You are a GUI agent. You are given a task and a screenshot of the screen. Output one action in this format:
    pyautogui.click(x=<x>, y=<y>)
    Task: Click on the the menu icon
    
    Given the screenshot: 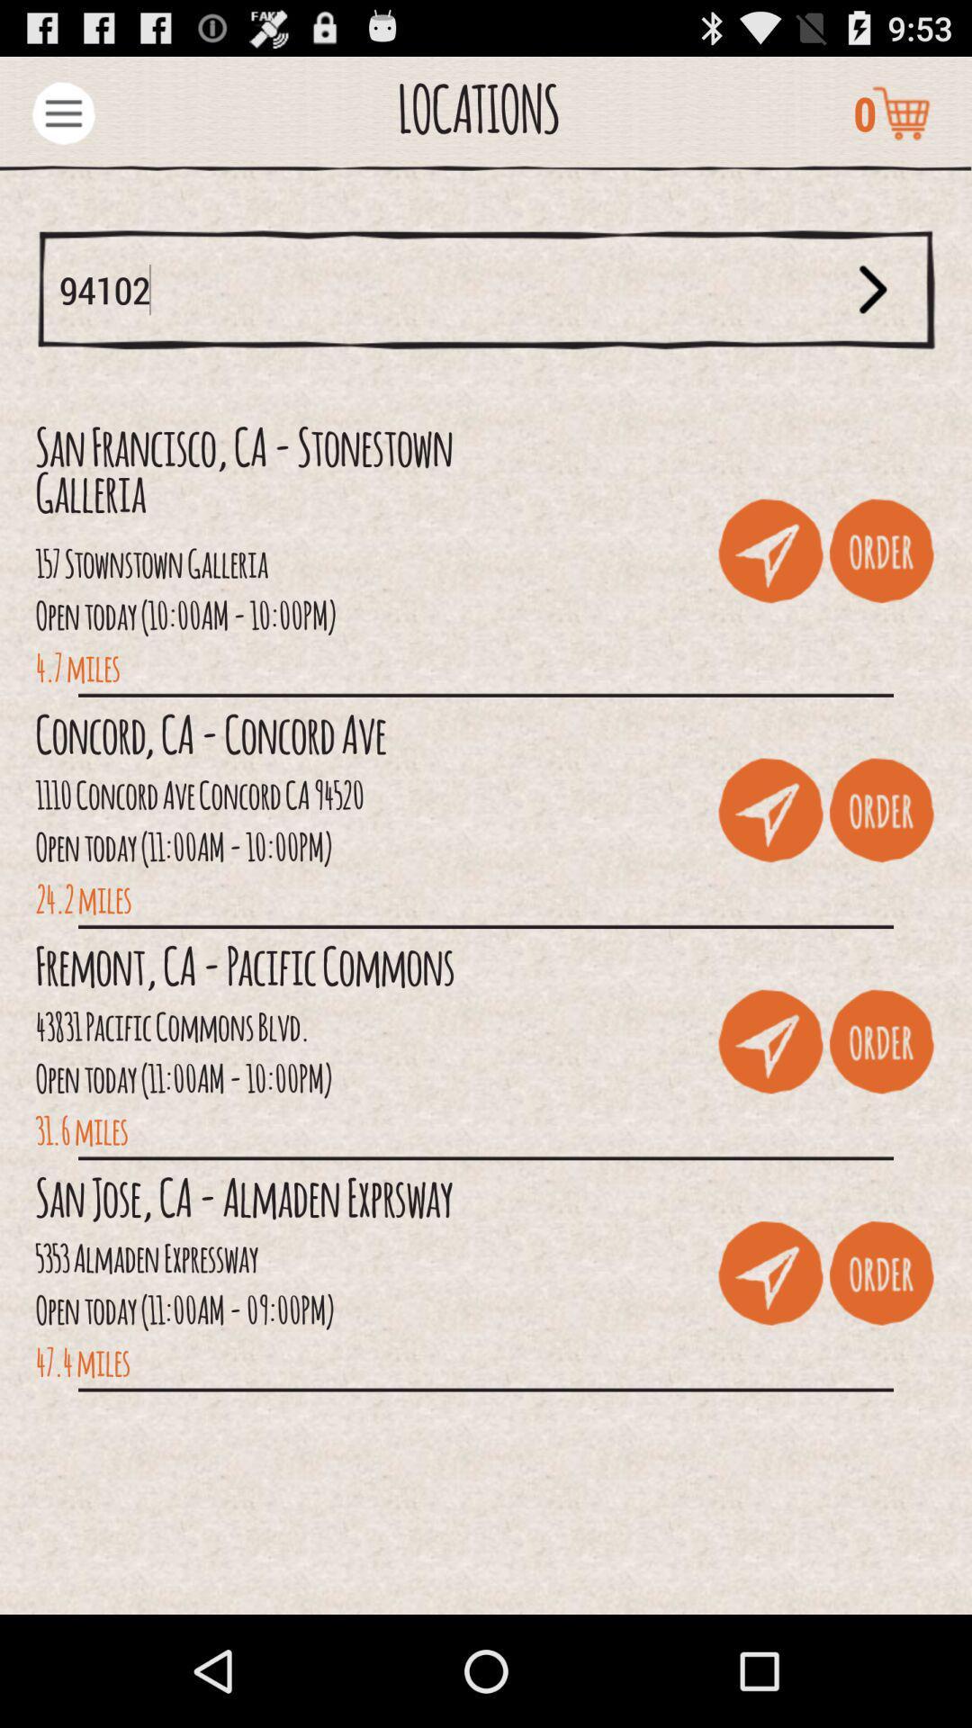 What is the action you would take?
    pyautogui.click(x=62, y=120)
    